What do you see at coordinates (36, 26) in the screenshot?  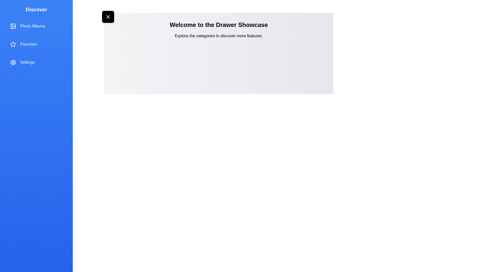 I see `the drawer item labeled 'Photo Albums' to select it` at bounding box center [36, 26].